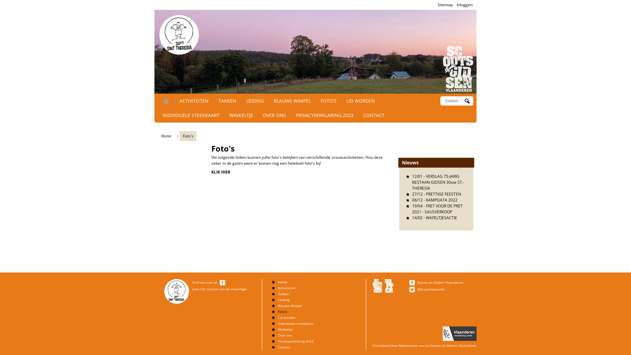 The width and height of the screenshot is (631, 355). Describe the element at coordinates (389, 285) in the screenshot. I see `'Hopper'` at that location.